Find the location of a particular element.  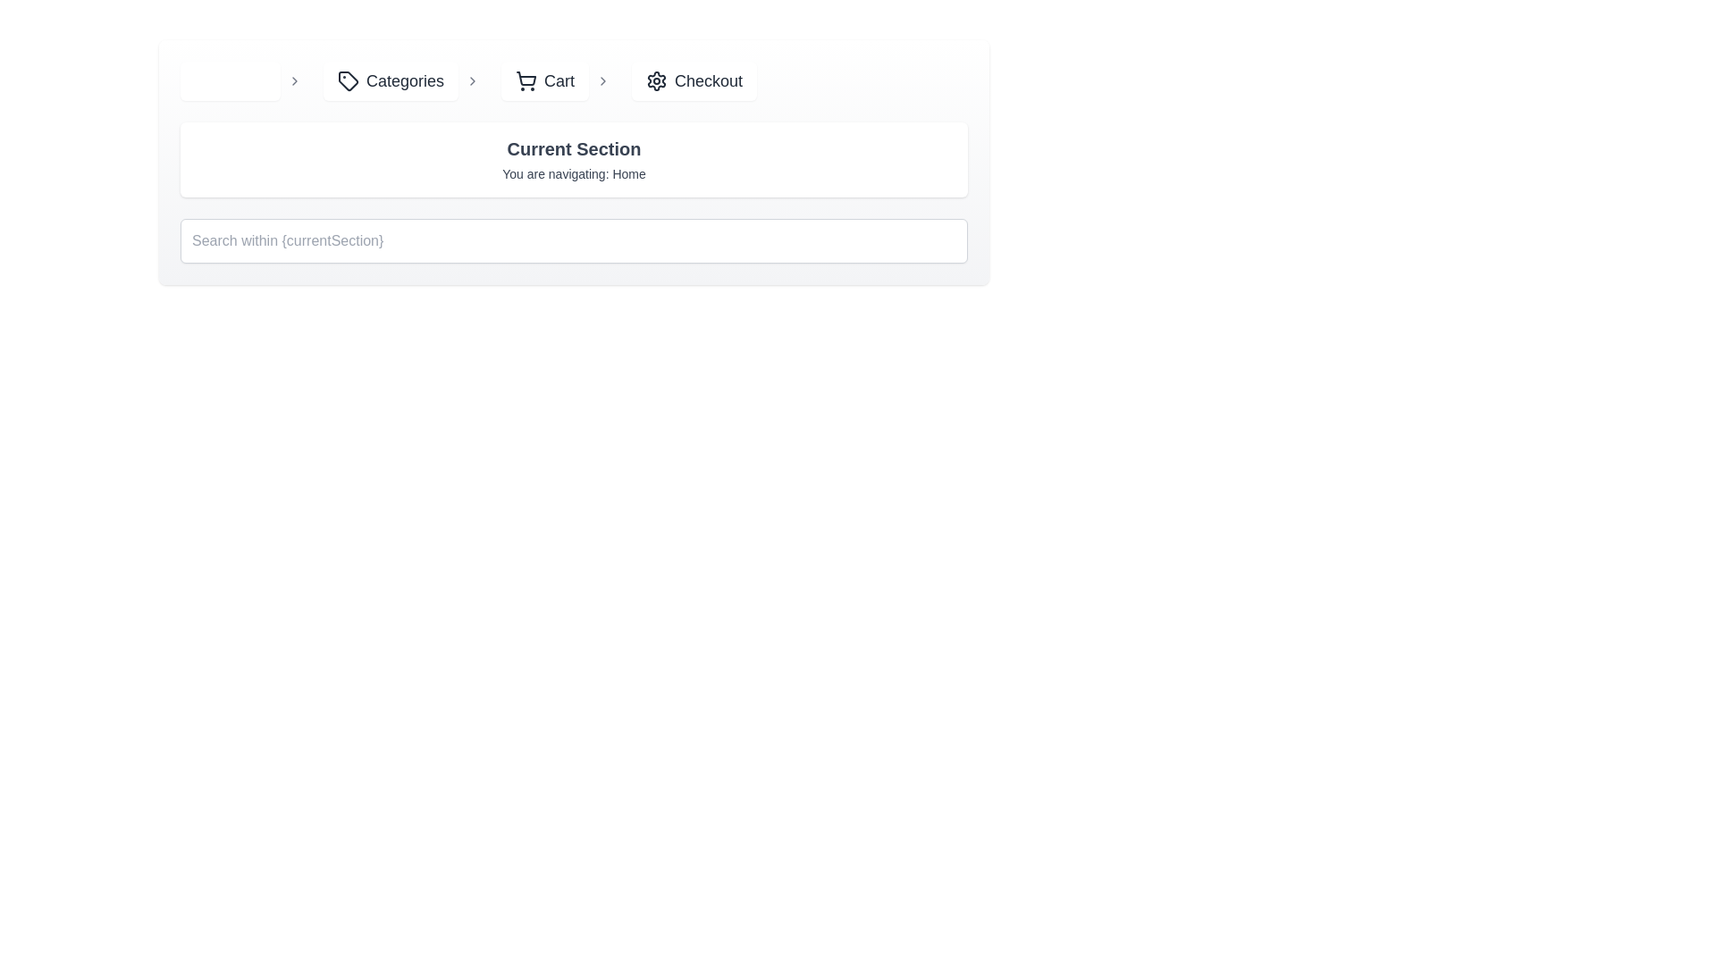

the shopping cart icon located inside the 'Cart' button in the horizontal navigation bar is located at coordinates (526, 81).